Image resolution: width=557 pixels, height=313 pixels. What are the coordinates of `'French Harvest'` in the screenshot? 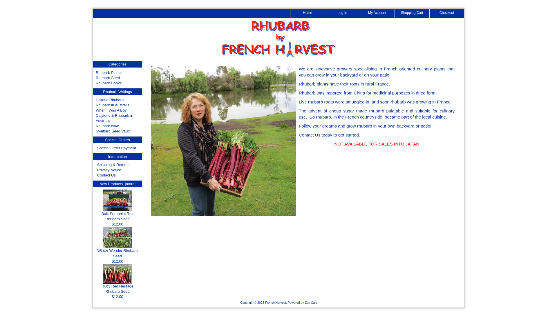 It's located at (265, 302).